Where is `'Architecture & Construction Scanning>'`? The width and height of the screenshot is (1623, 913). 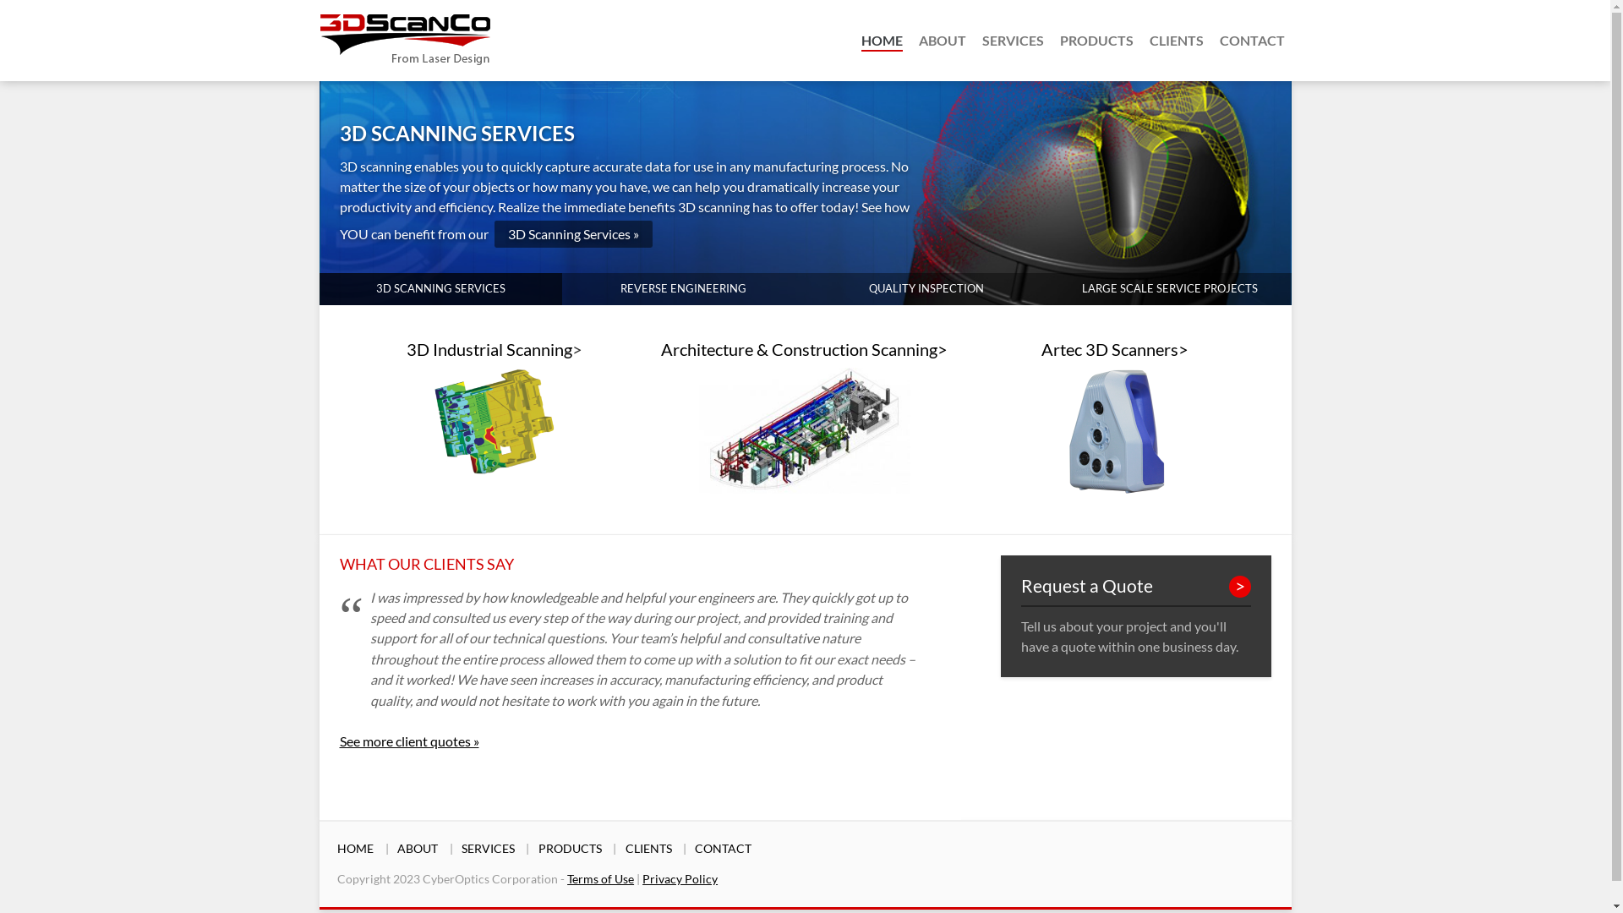
'Architecture & Construction Scanning>' is located at coordinates (803, 347).